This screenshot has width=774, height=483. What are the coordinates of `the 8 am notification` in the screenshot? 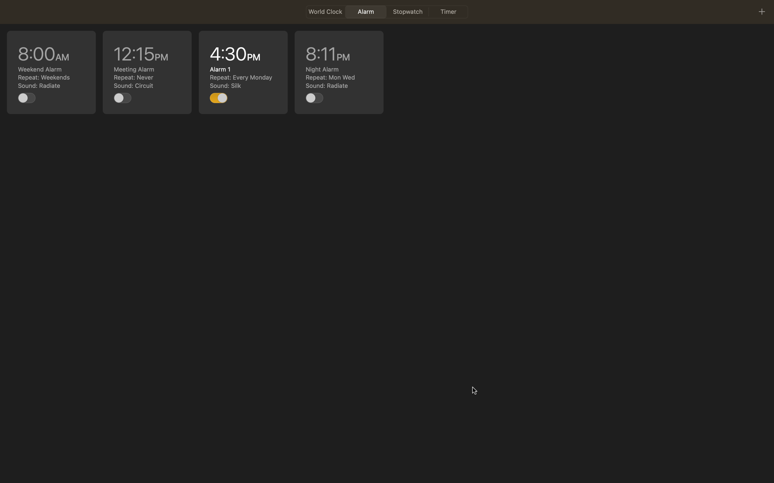 It's located at (51, 72).